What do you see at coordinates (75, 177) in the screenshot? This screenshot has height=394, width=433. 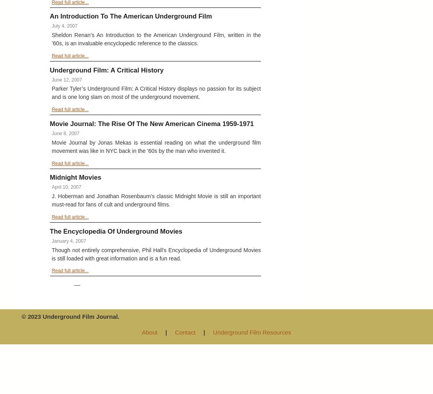 I see `'Midnight Movies'` at bounding box center [75, 177].